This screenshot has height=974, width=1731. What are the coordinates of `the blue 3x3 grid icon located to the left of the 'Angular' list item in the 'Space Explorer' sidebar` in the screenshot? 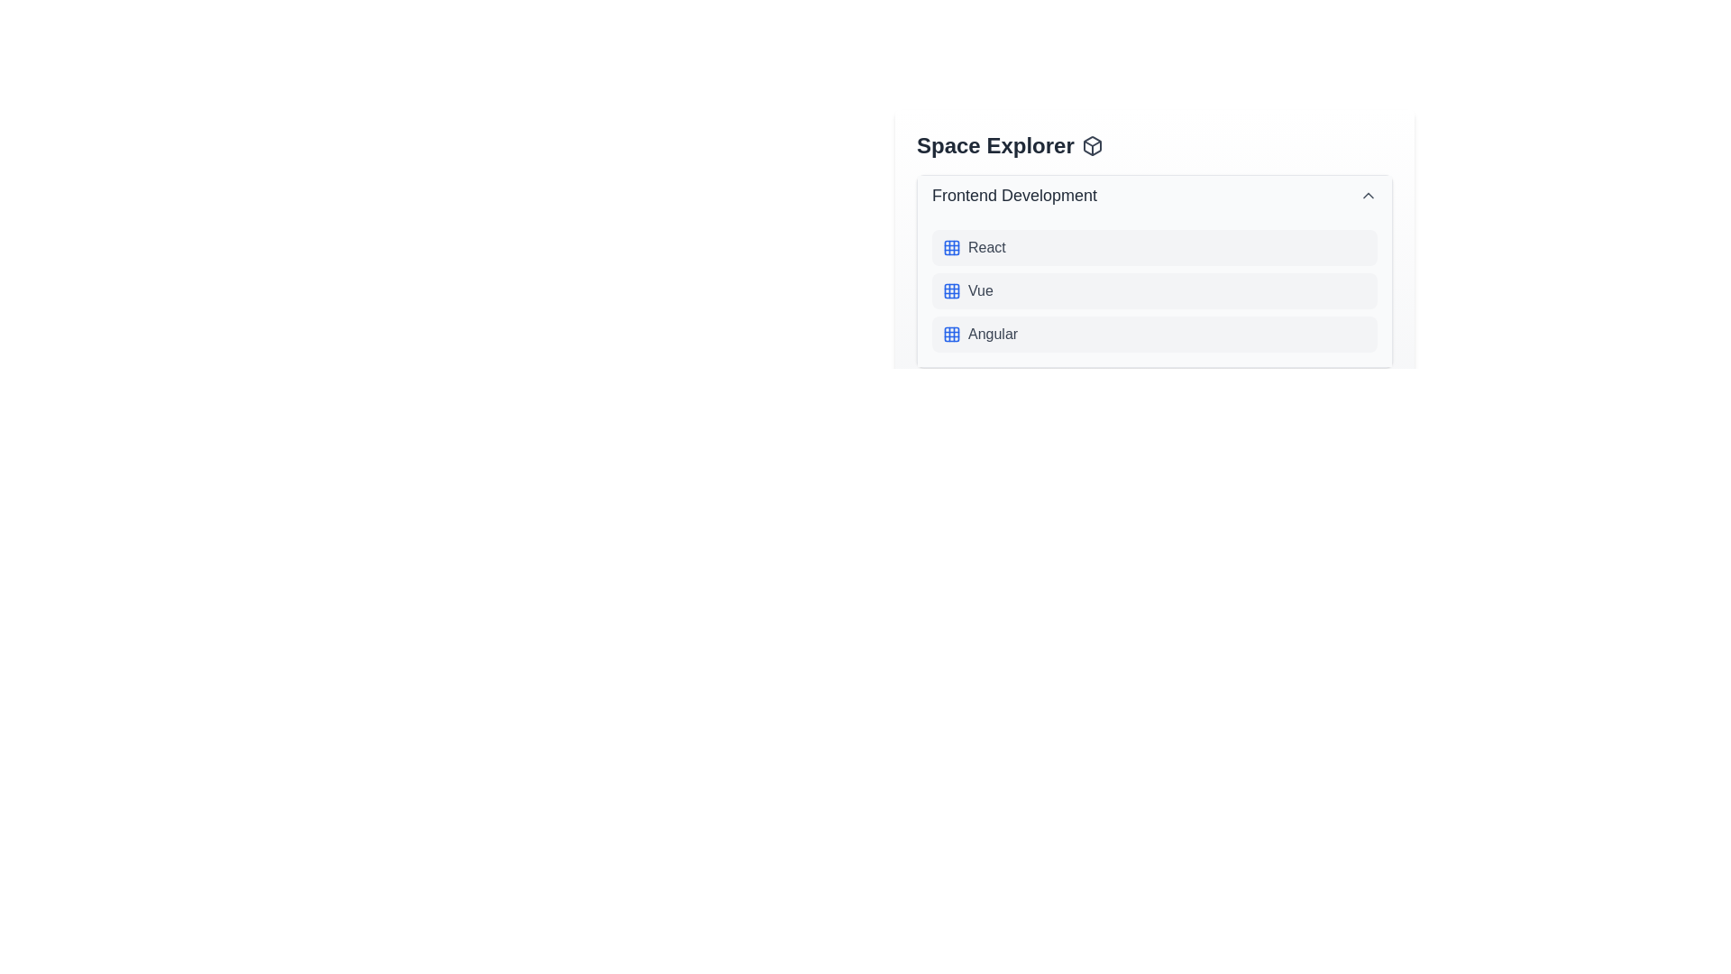 It's located at (951, 334).